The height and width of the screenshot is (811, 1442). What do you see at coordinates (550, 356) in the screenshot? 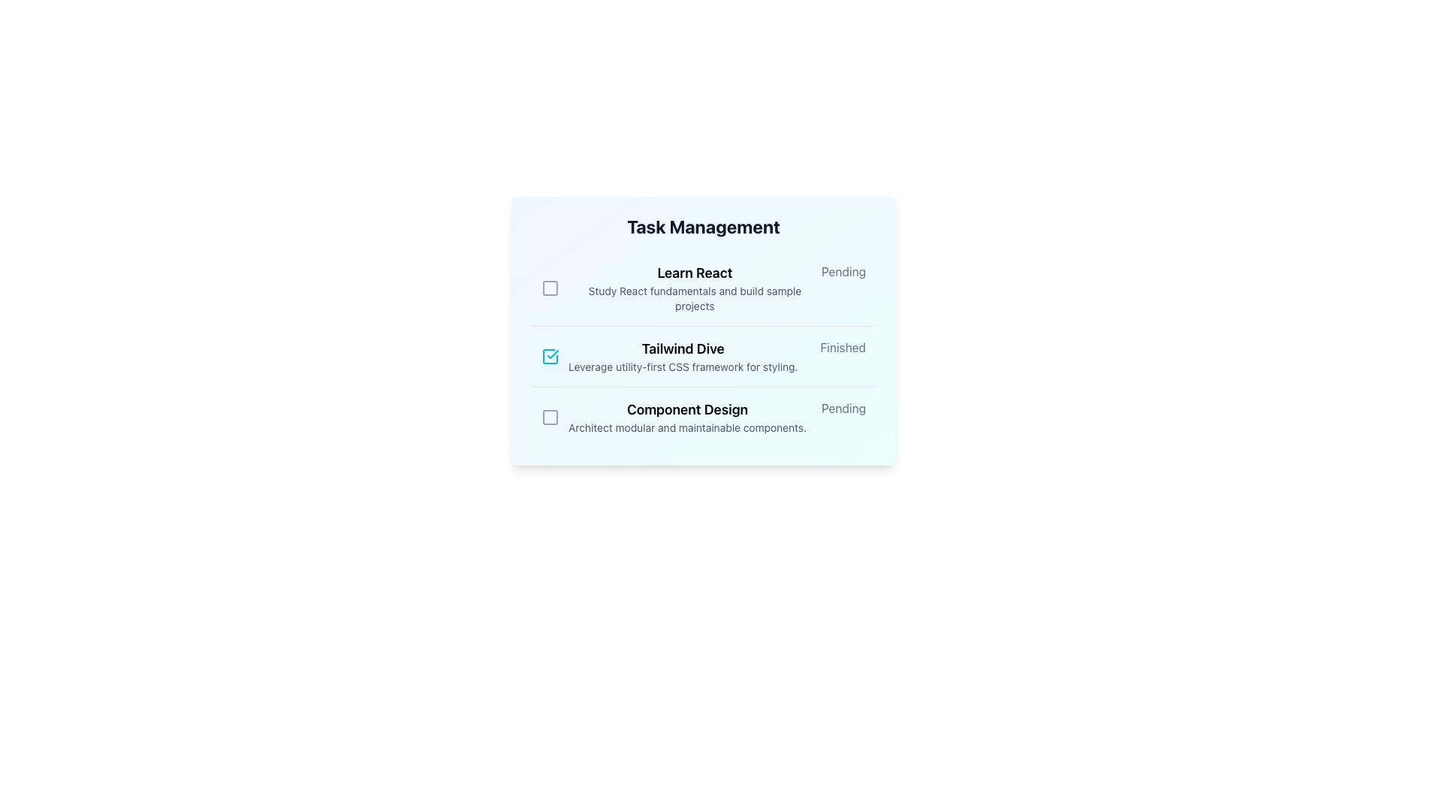
I see `the checkmark icon in a cyan-bordered square located to the left of the 'Tailwind Dive' title in the task management list` at bounding box center [550, 356].